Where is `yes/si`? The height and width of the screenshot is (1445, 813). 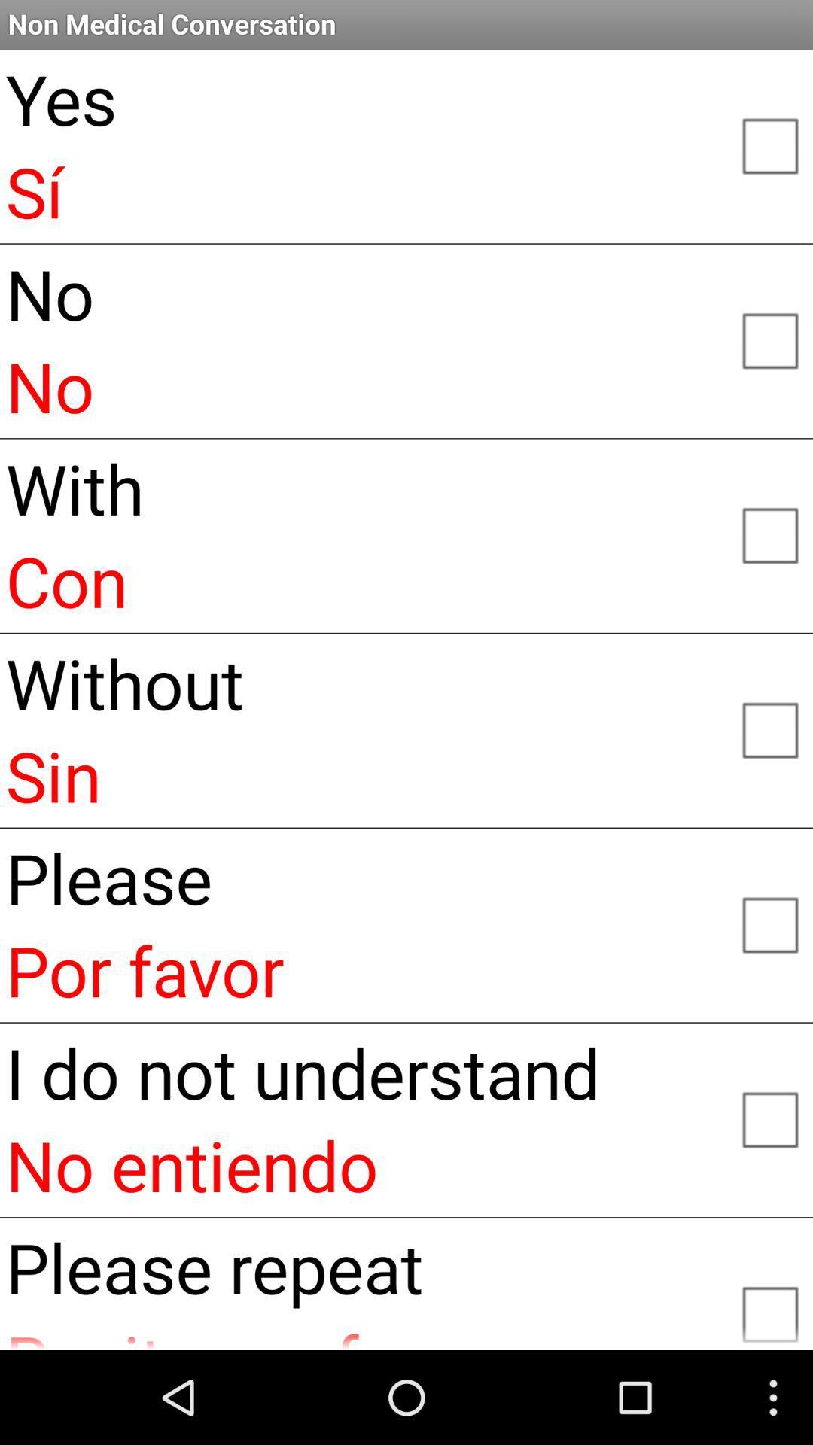 yes/si is located at coordinates (769, 144).